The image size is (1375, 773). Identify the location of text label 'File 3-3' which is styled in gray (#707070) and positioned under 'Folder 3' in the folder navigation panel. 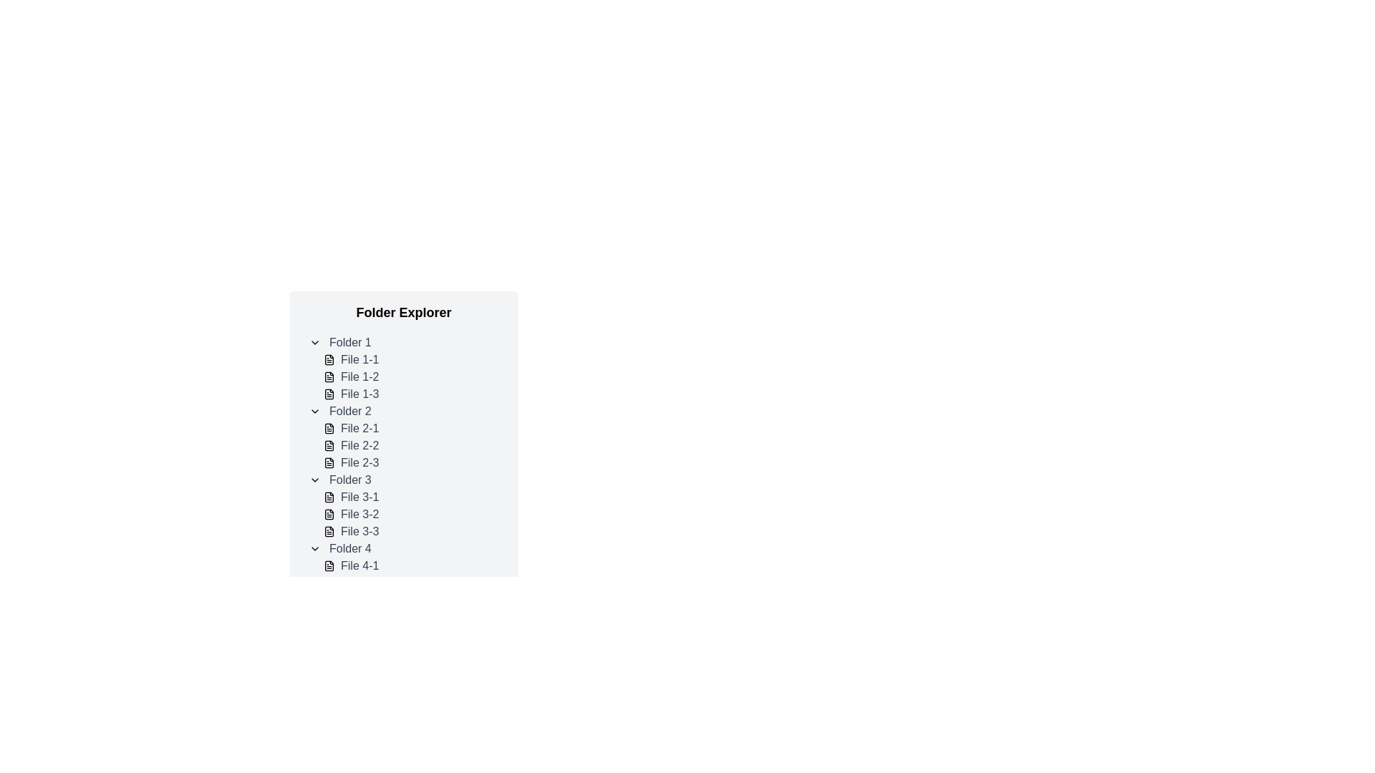
(360, 532).